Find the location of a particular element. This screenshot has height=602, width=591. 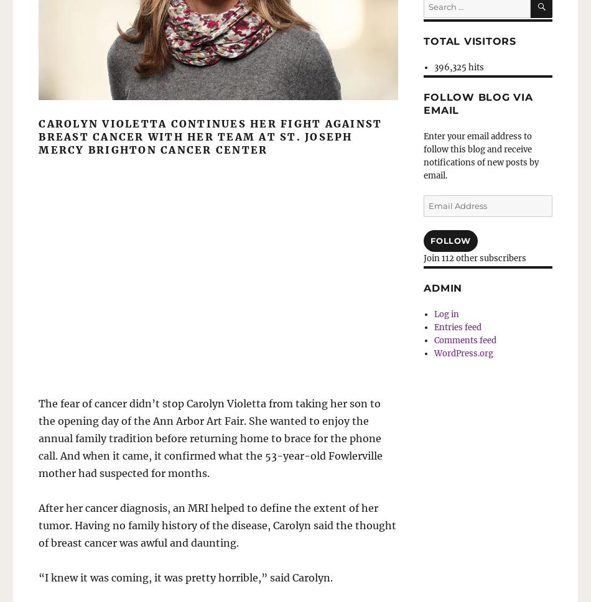

'Total Visitors' is located at coordinates (468, 40).